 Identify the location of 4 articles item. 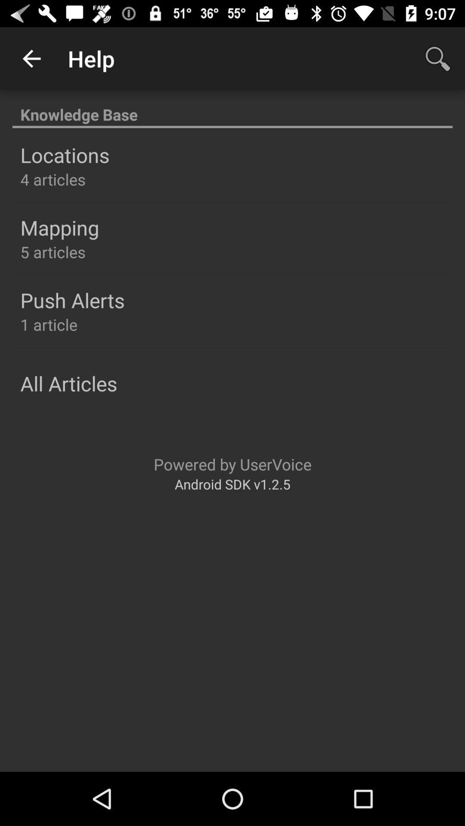
(53, 179).